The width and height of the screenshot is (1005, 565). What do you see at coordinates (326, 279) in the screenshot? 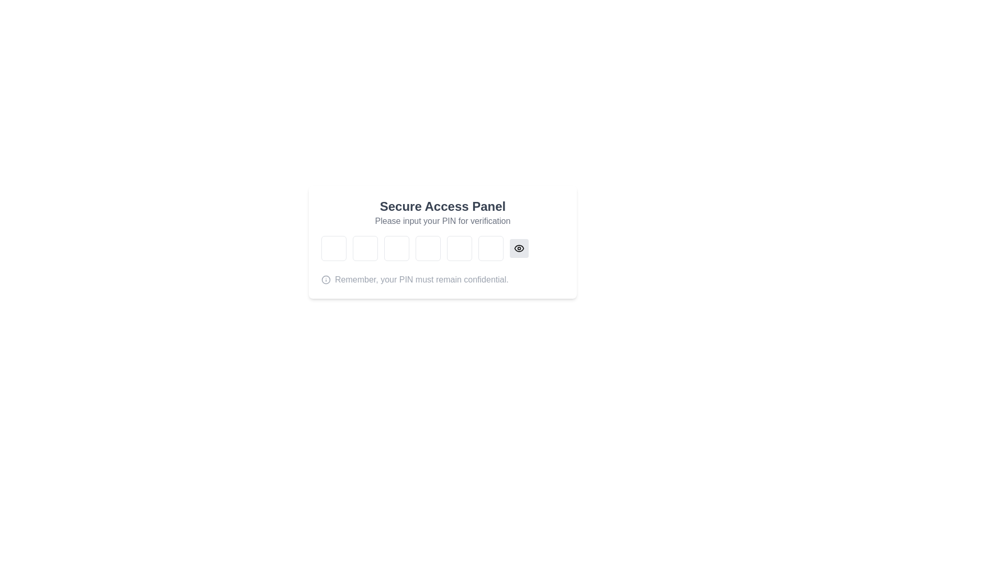
I see `the decorative SVG Circle Element that signifies additional information, located next to the text 'Remember, your PIN must remain confidential.'` at bounding box center [326, 279].